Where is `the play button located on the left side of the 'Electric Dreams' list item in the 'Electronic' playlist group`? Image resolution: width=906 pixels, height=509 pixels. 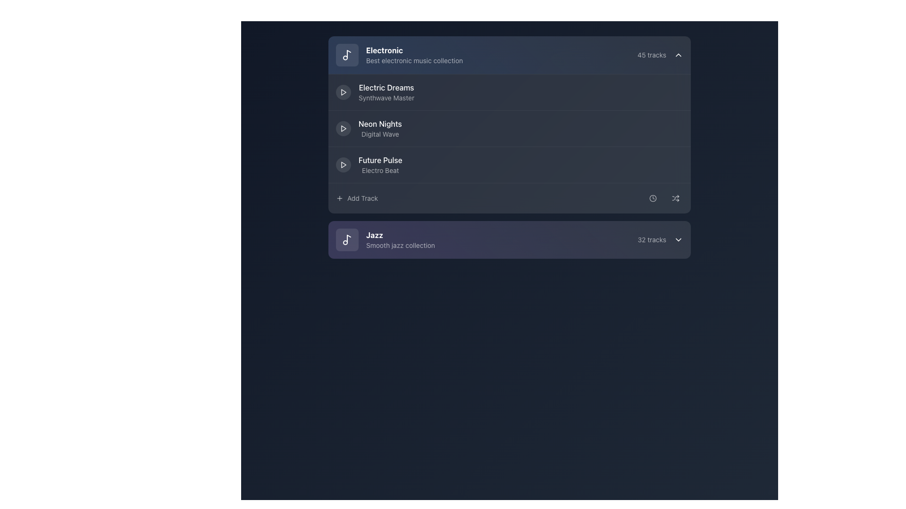 the play button located on the left side of the 'Electric Dreams' list item in the 'Electronic' playlist group is located at coordinates (343, 92).